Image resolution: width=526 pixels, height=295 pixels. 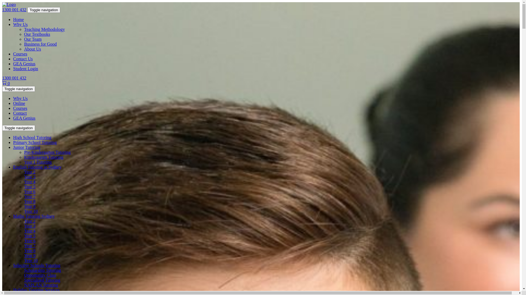 I want to click on 'Year 4', so click(x=24, y=231).